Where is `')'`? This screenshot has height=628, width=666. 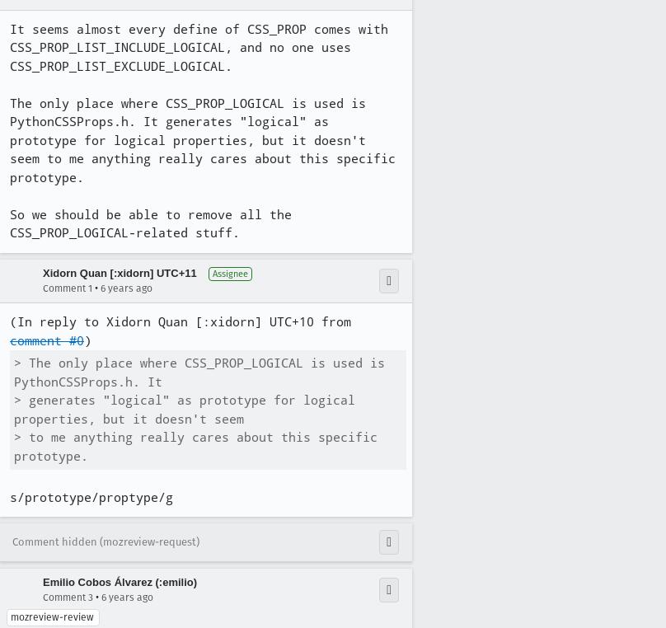
')' is located at coordinates (87, 340).